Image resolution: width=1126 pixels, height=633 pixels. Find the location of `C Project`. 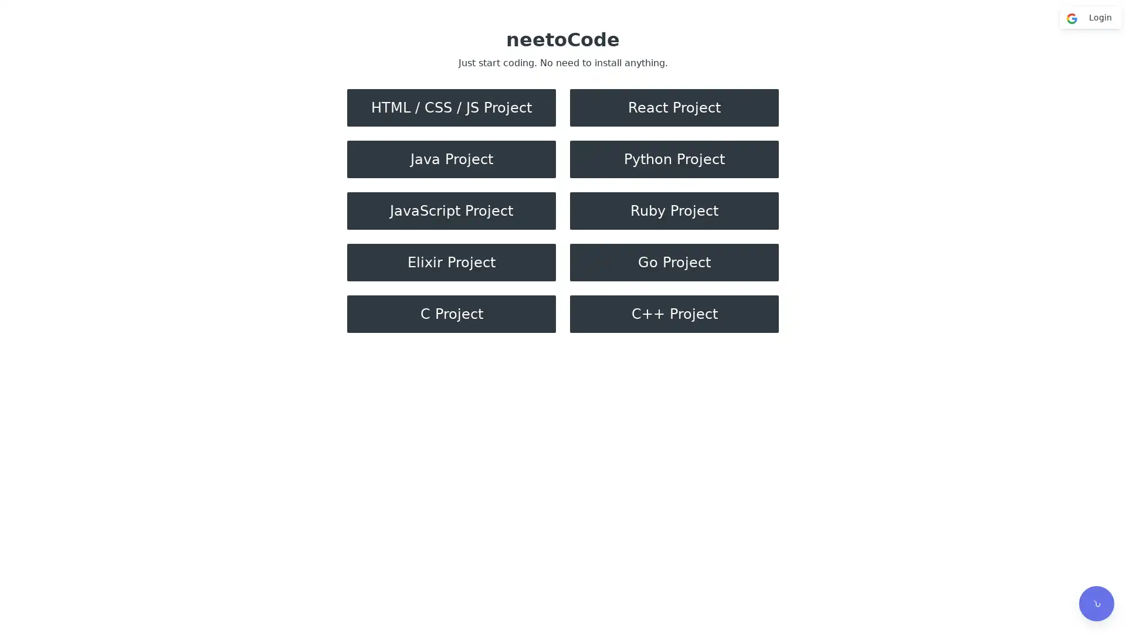

C Project is located at coordinates (450, 314).